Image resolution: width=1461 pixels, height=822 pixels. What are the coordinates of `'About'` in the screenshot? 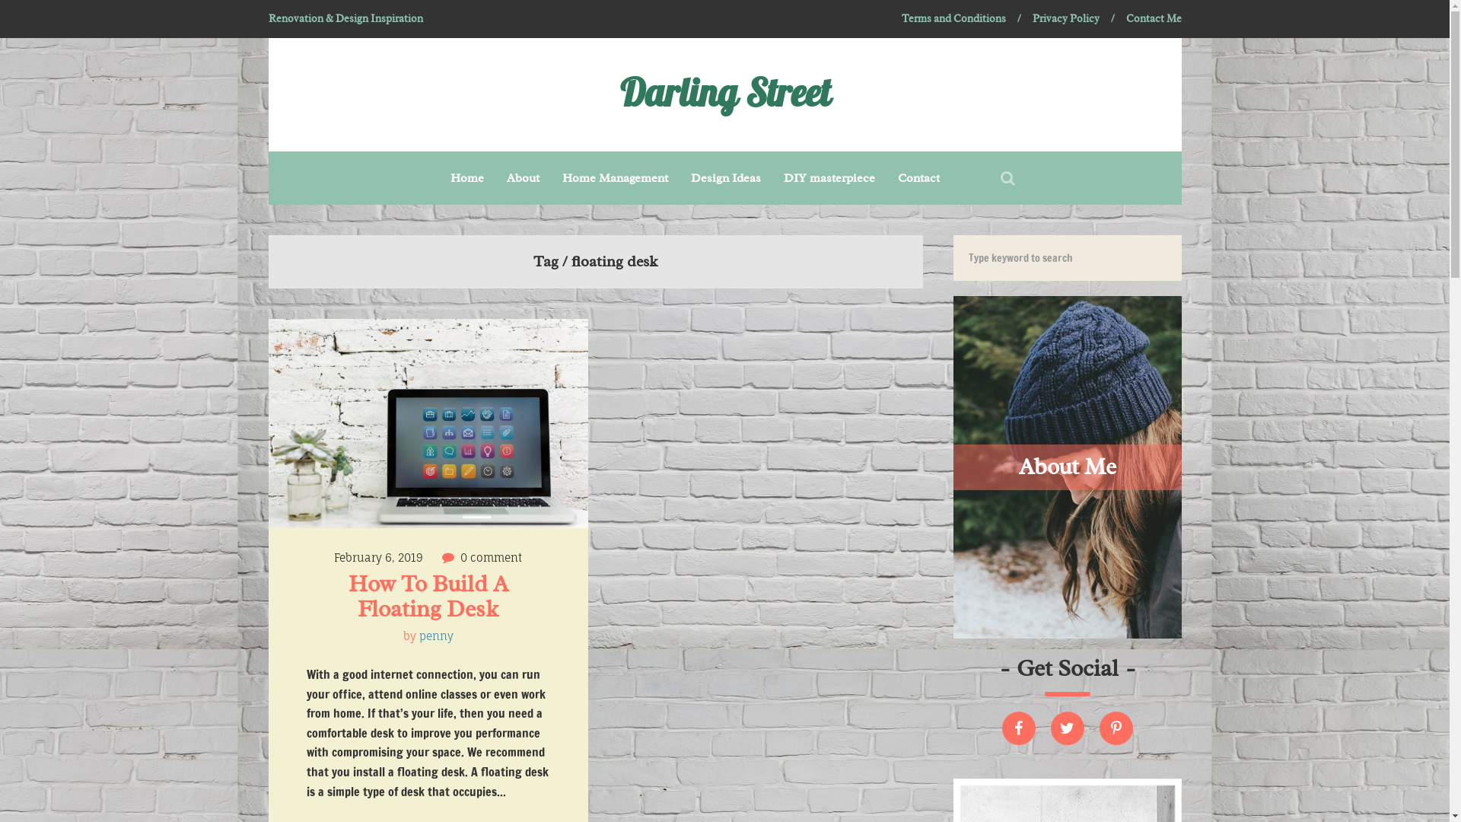 It's located at (523, 177).